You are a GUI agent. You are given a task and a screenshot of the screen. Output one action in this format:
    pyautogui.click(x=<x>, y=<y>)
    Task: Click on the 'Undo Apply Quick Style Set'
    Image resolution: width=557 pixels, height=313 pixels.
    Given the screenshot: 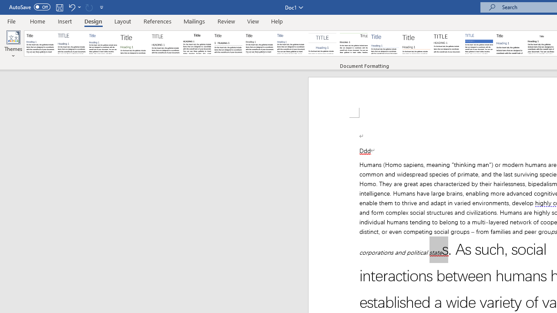 What is the action you would take?
    pyautogui.click(x=74, y=7)
    